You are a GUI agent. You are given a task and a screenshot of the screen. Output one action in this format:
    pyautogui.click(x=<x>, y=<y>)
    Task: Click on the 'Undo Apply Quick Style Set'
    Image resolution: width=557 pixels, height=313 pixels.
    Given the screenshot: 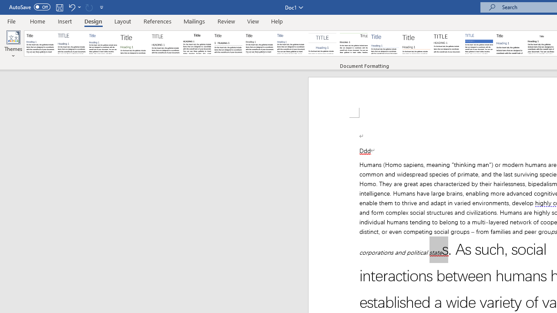 What is the action you would take?
    pyautogui.click(x=74, y=7)
    